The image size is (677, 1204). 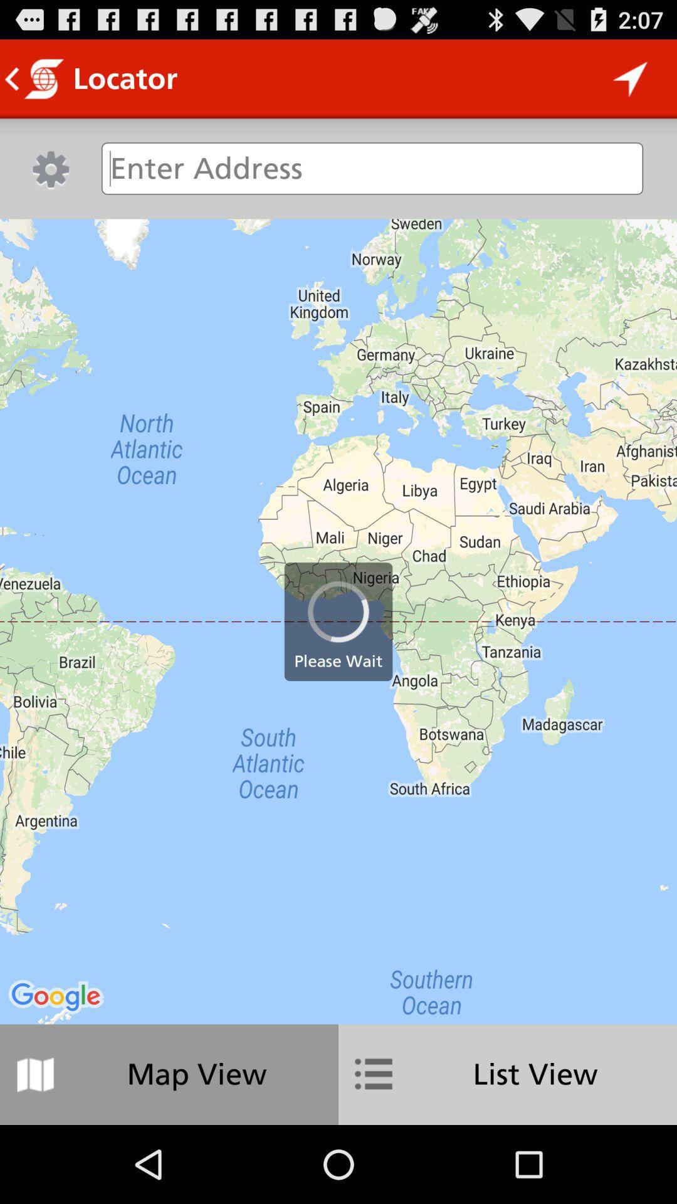 What do you see at coordinates (169, 1074) in the screenshot?
I see `the item next to the list view icon` at bounding box center [169, 1074].